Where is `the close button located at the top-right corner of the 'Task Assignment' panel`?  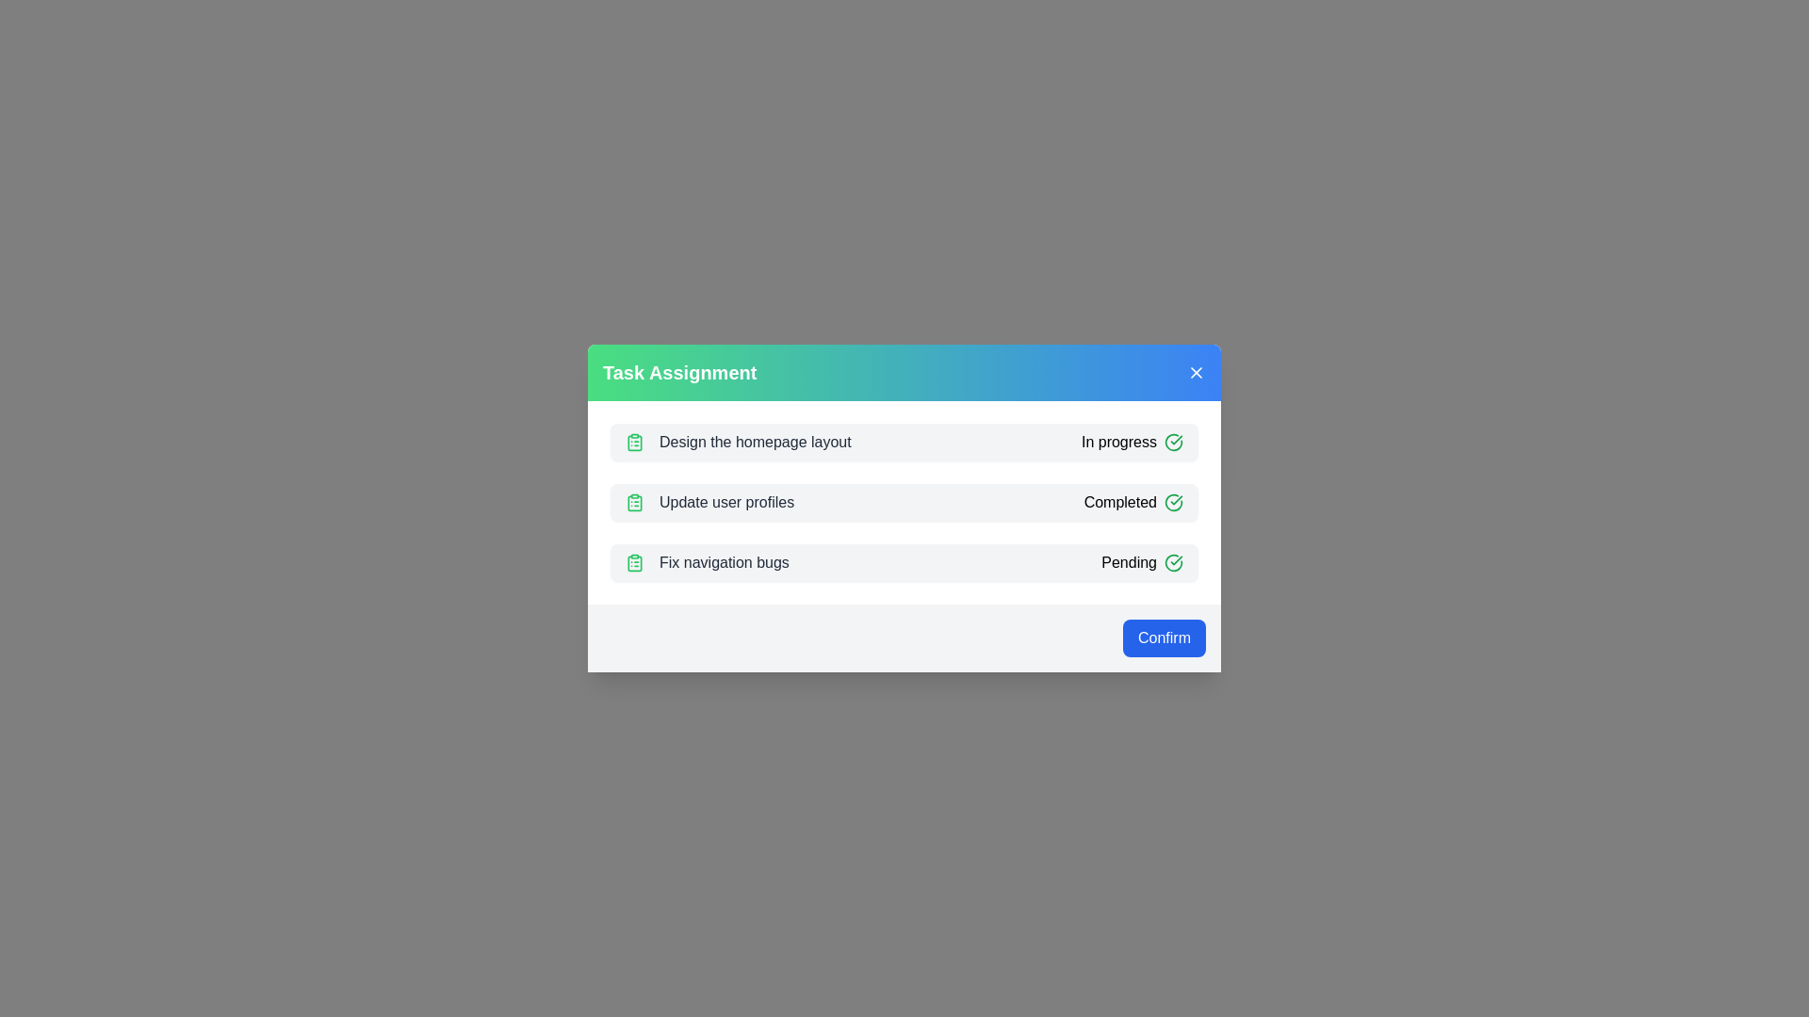
the close button located at the top-right corner of the 'Task Assignment' panel is located at coordinates (1196, 373).